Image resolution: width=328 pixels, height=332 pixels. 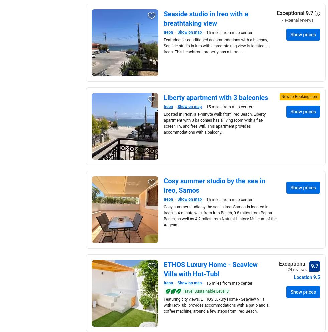 I want to click on 'ETHOS Luxury Home - Seaview Villa with Hot-Tub!', so click(x=210, y=269).